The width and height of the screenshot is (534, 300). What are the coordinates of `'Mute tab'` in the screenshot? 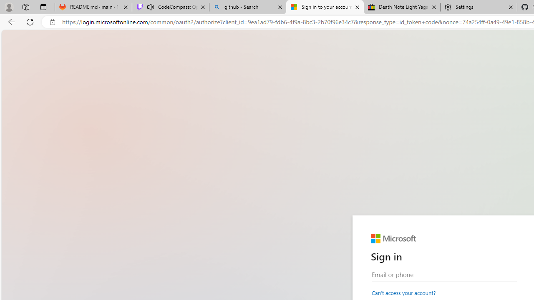 It's located at (150, 7).